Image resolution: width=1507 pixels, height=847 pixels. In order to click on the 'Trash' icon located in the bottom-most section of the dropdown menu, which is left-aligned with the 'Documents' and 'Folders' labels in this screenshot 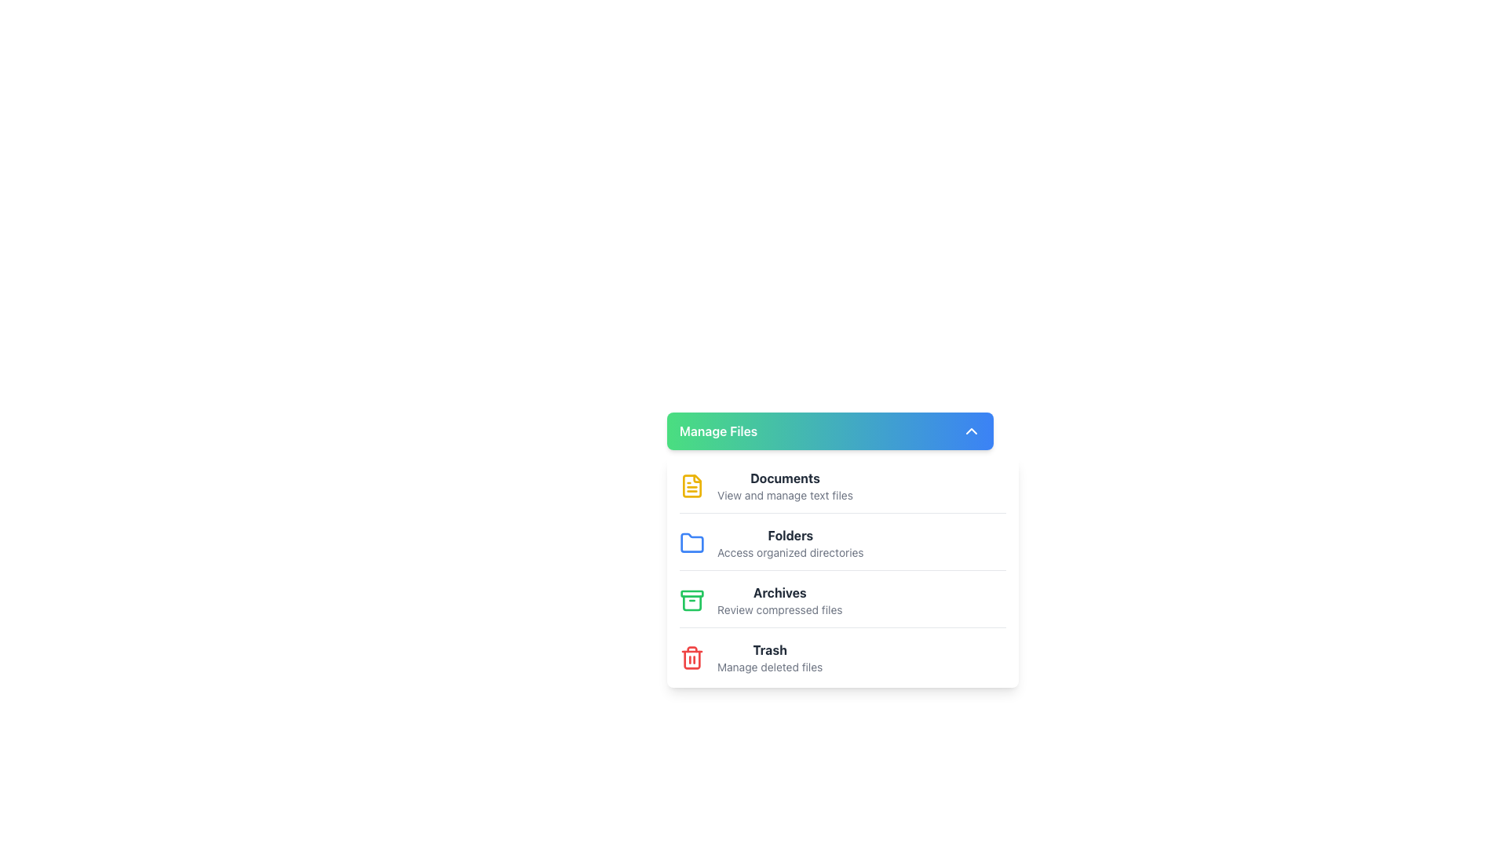, I will do `click(691, 658)`.